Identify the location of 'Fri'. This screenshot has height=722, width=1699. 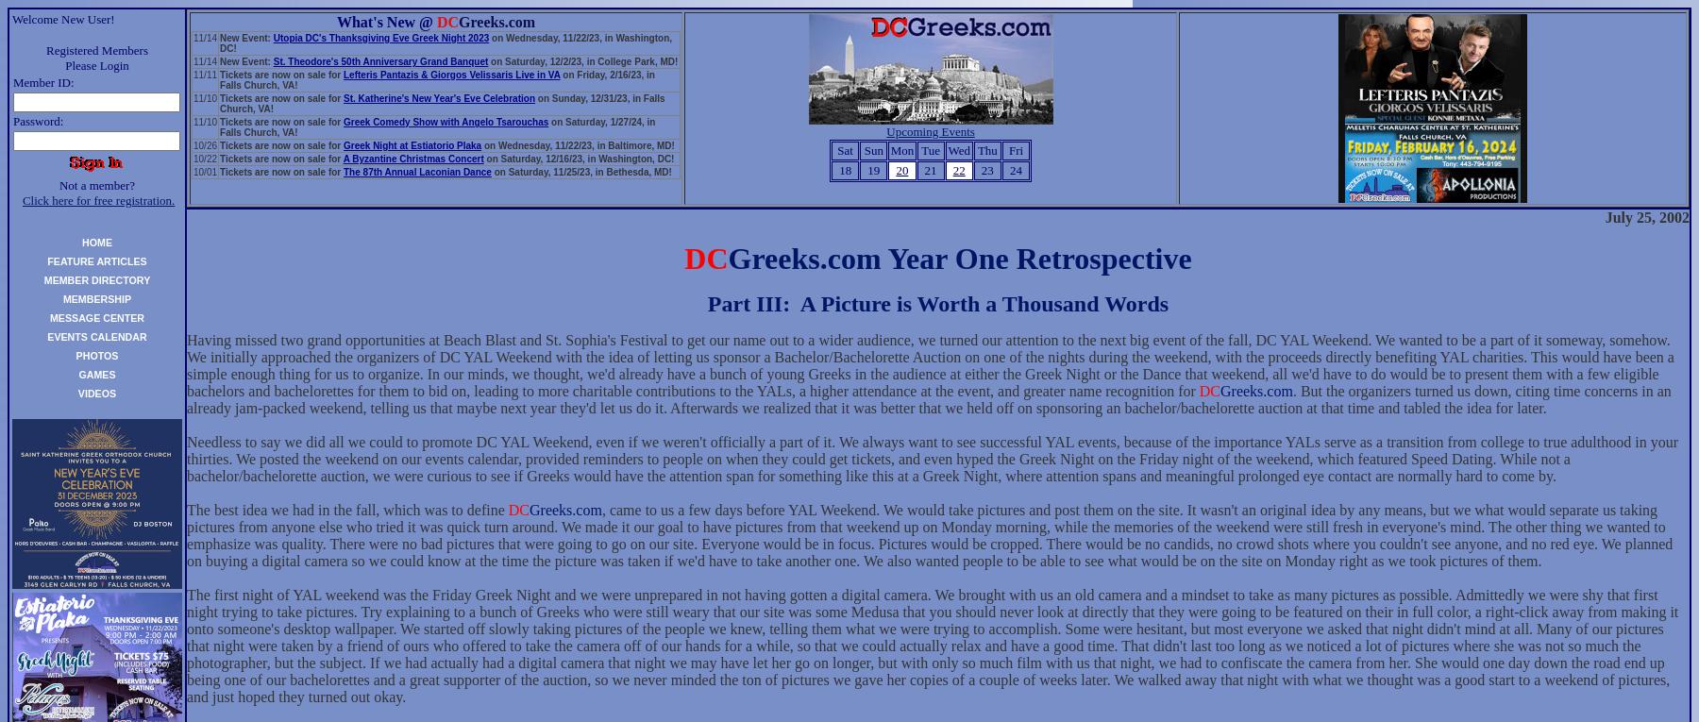
(1007, 150).